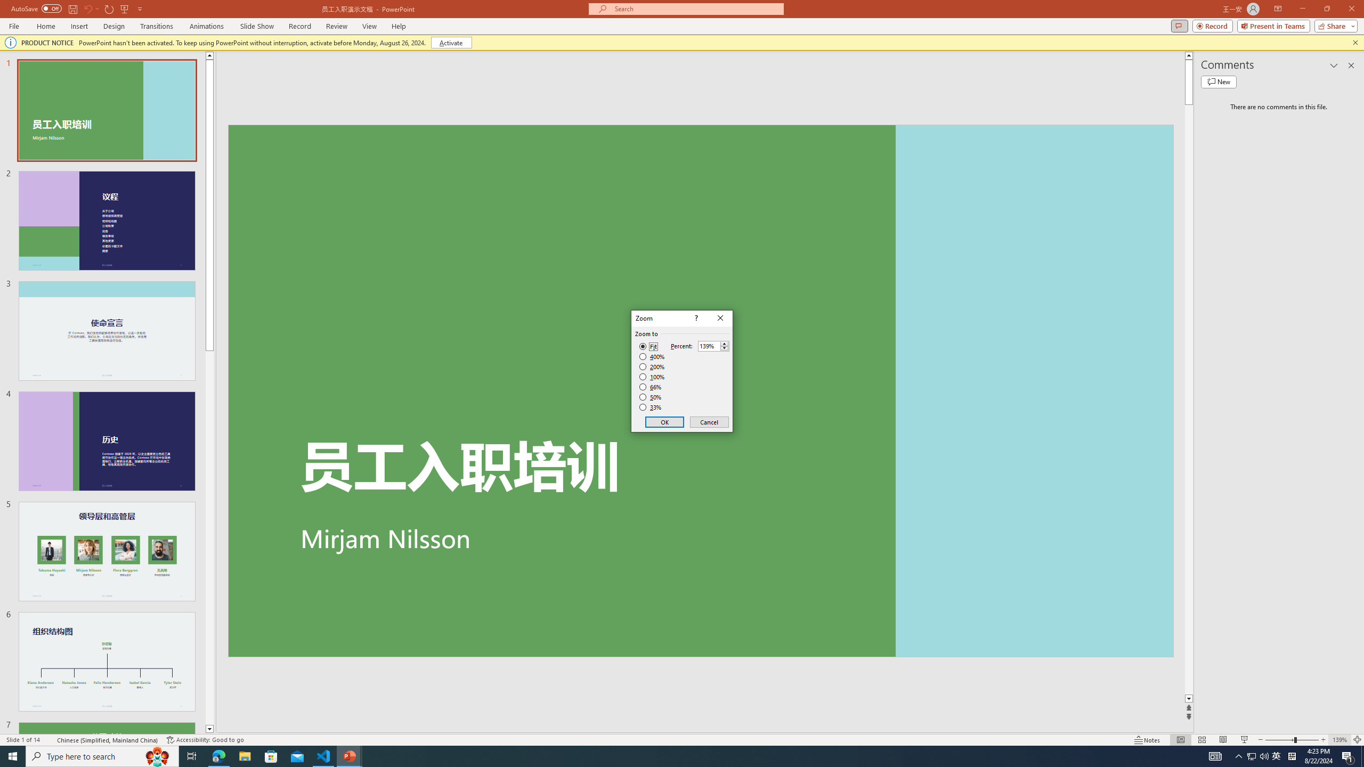 This screenshot has width=1364, height=767. Describe the element at coordinates (1355, 42) in the screenshot. I see `'Close this message'` at that location.